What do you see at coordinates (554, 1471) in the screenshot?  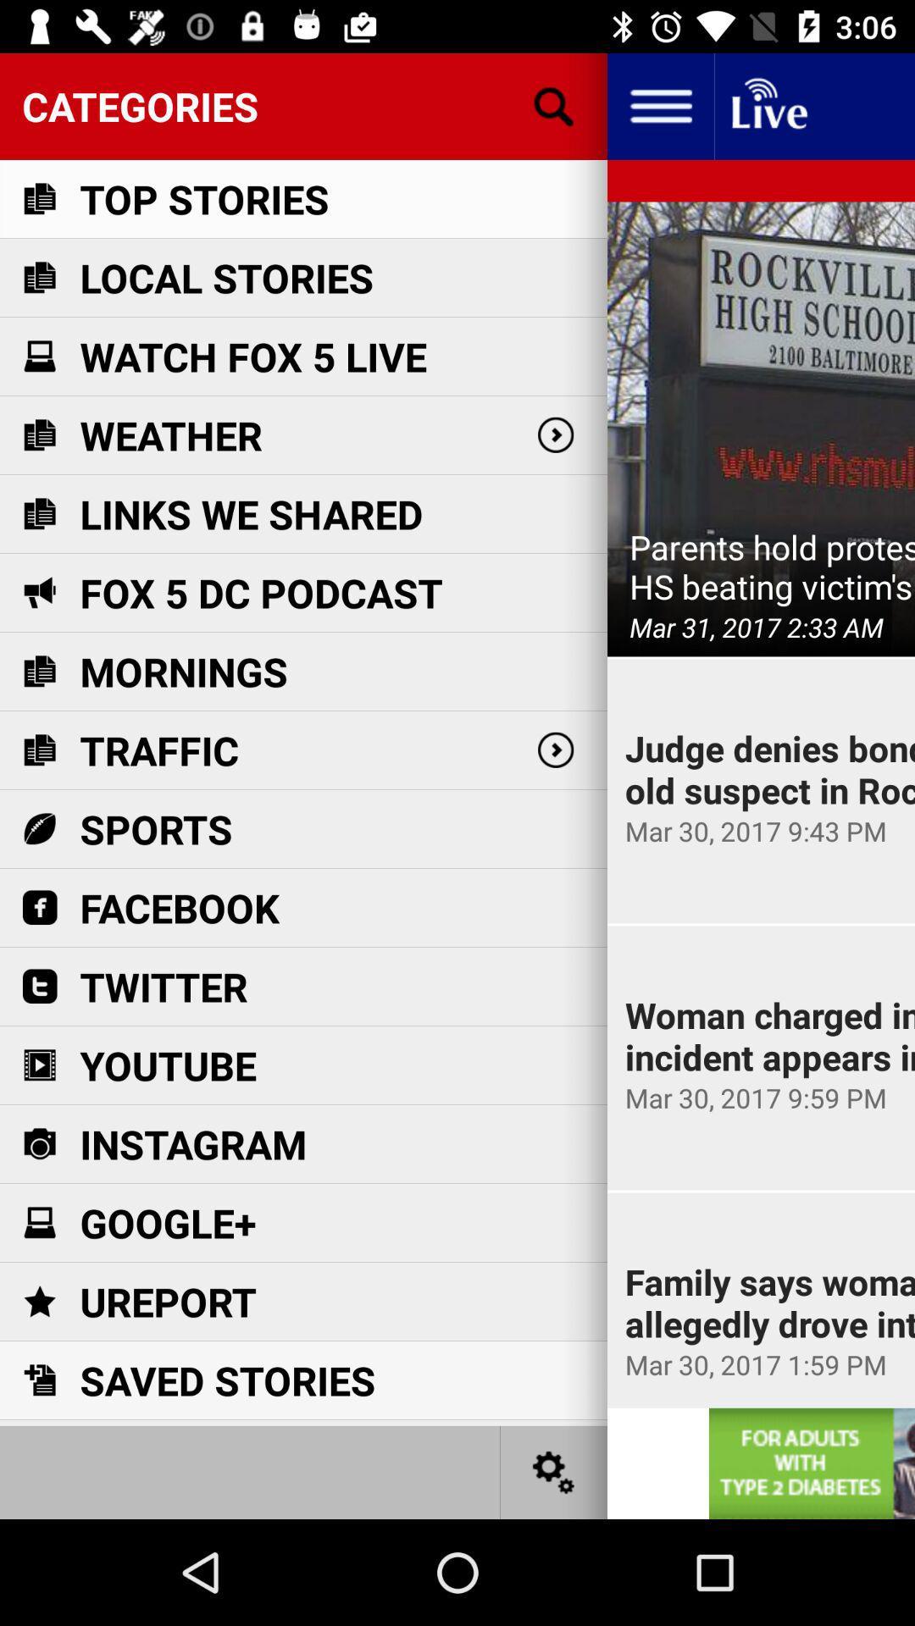 I see `allows to share` at bounding box center [554, 1471].